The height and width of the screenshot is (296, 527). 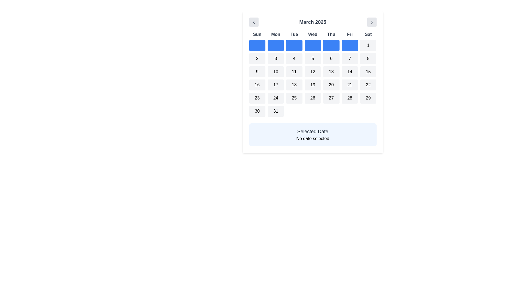 What do you see at coordinates (372, 22) in the screenshot?
I see `the rightward-facing chevron icon located at the top-right corner of the calendar interface` at bounding box center [372, 22].